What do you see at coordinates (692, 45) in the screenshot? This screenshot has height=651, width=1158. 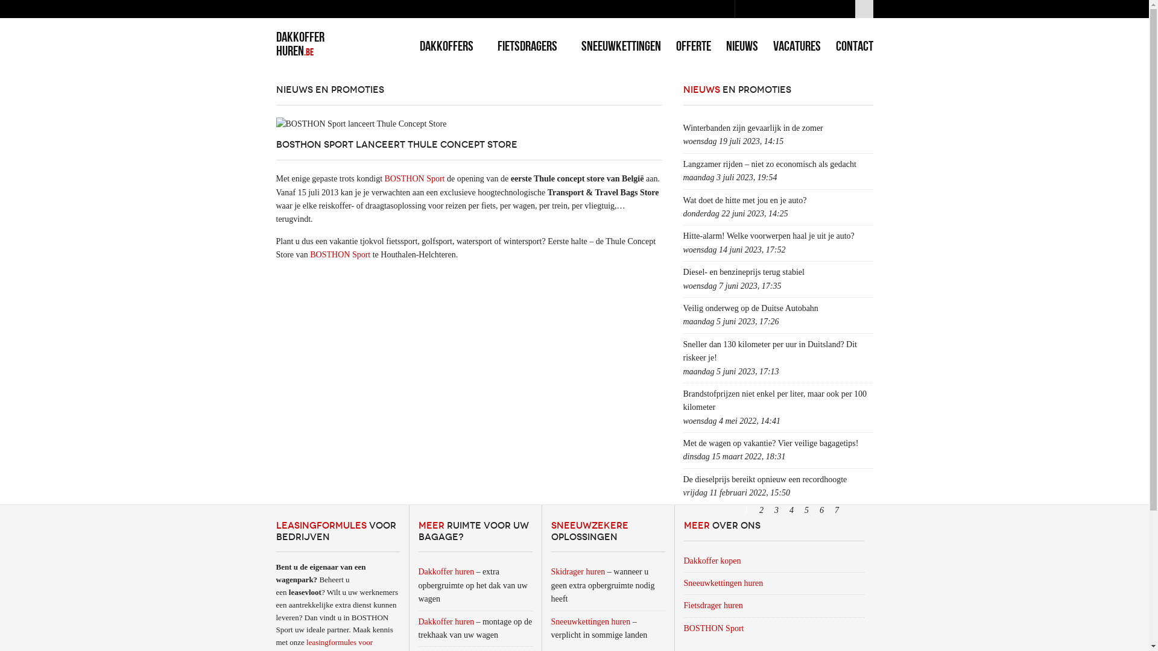 I see `'OFFERTE'` at bounding box center [692, 45].